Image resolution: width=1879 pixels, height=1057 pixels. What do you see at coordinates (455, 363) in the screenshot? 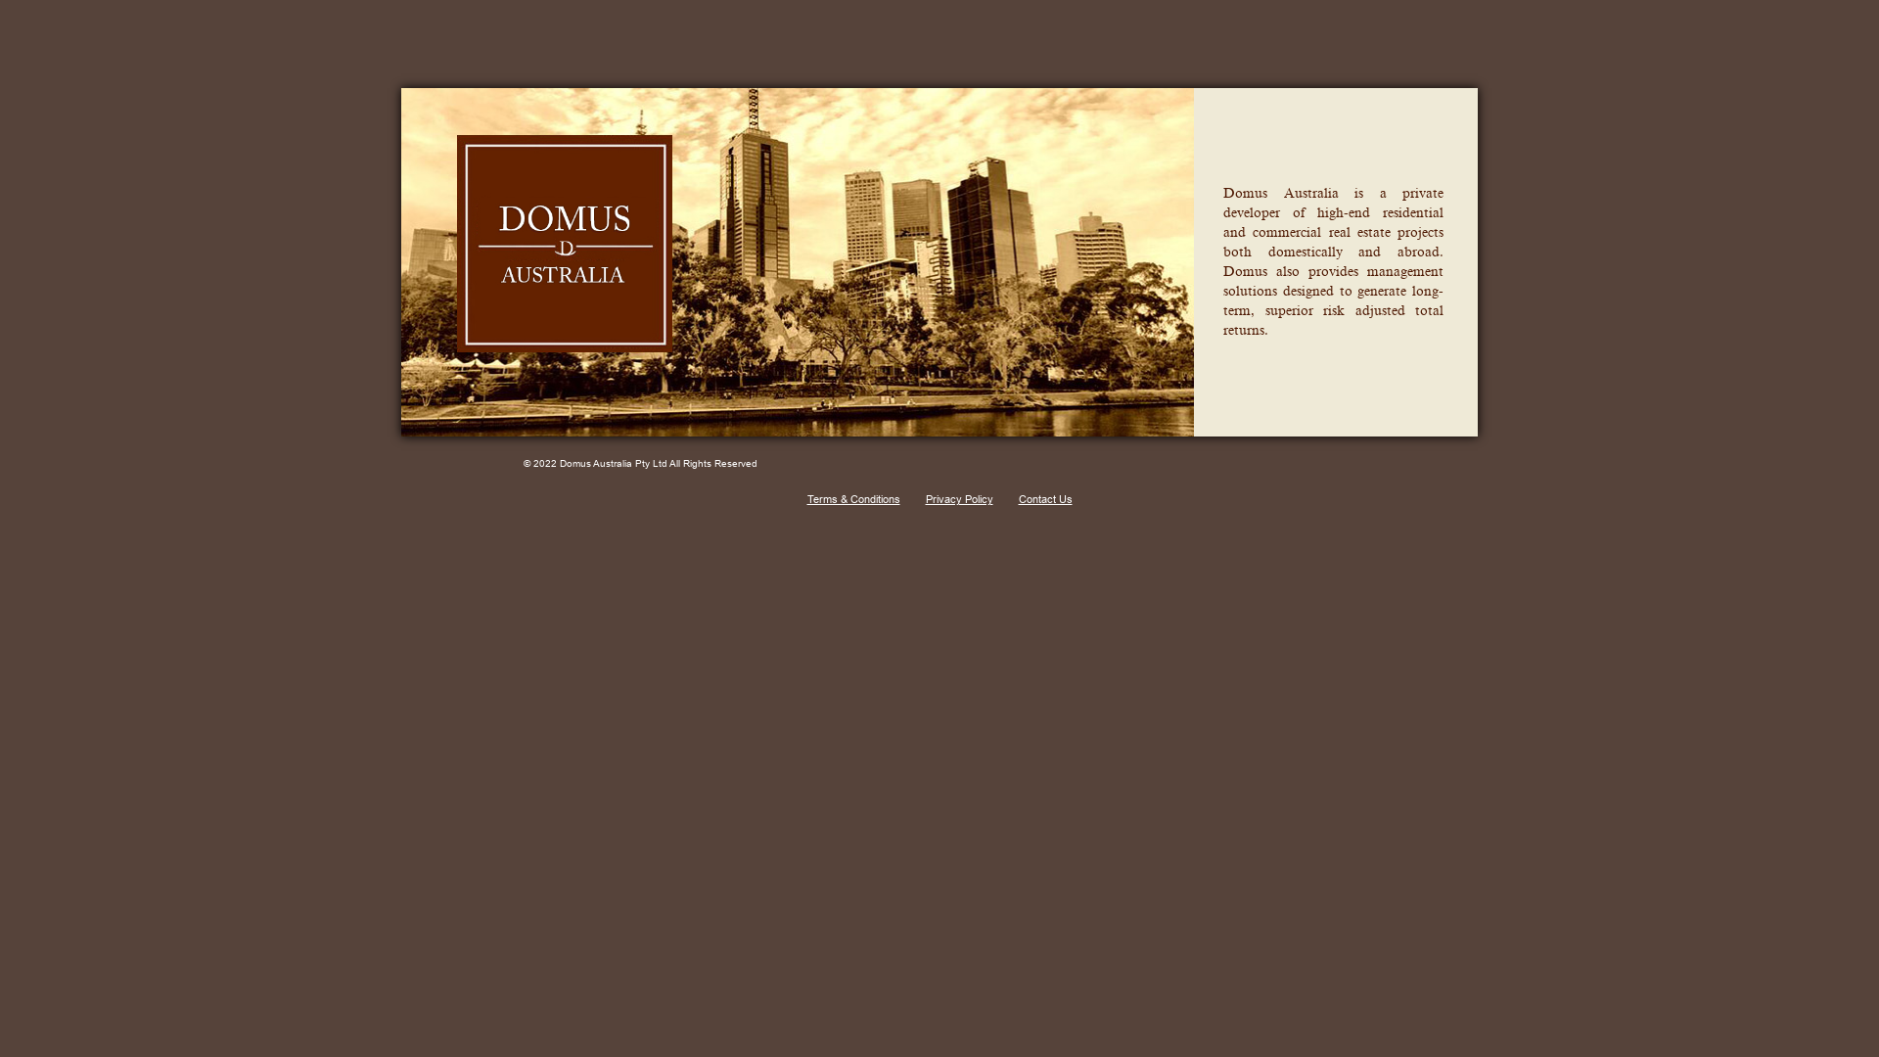
I see `'Domus Australia'` at bounding box center [455, 363].